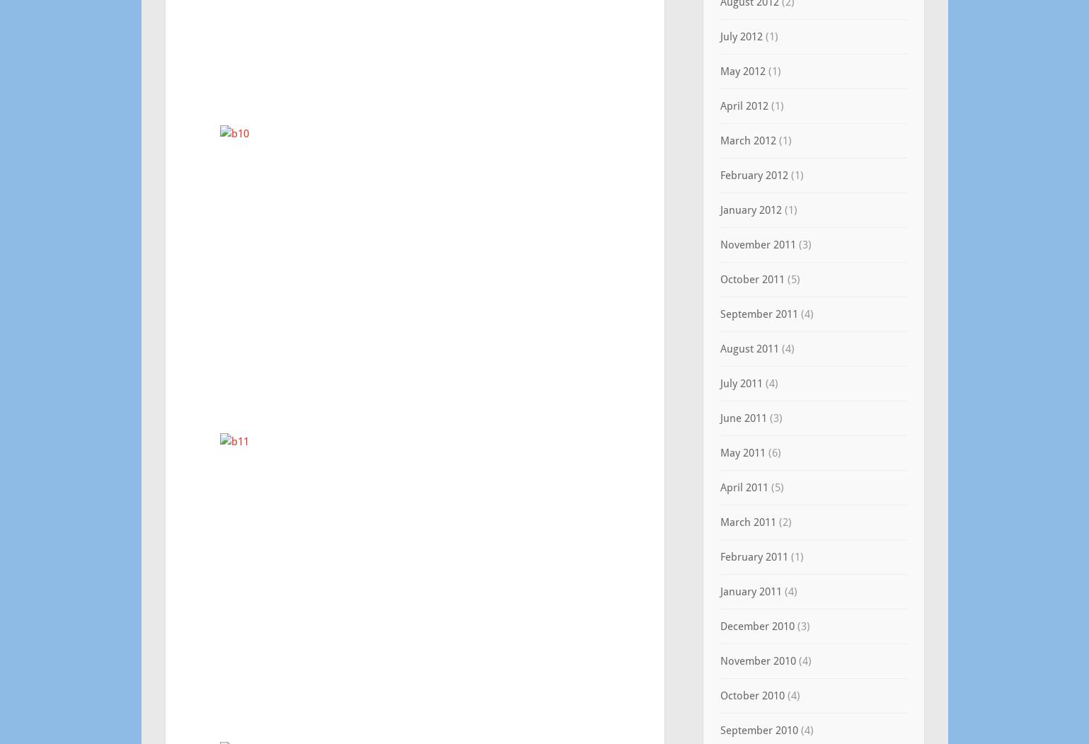 The image size is (1089, 744). What do you see at coordinates (764, 452) in the screenshot?
I see `'(6)'` at bounding box center [764, 452].